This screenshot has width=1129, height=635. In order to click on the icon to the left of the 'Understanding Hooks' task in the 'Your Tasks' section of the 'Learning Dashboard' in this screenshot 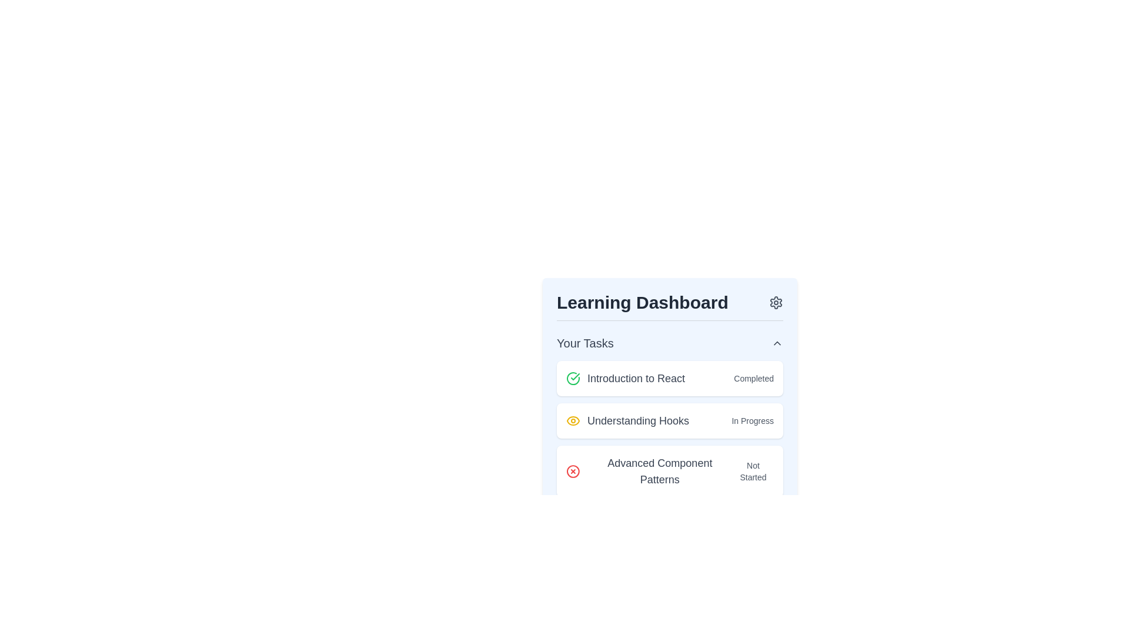, I will do `click(573, 420)`.